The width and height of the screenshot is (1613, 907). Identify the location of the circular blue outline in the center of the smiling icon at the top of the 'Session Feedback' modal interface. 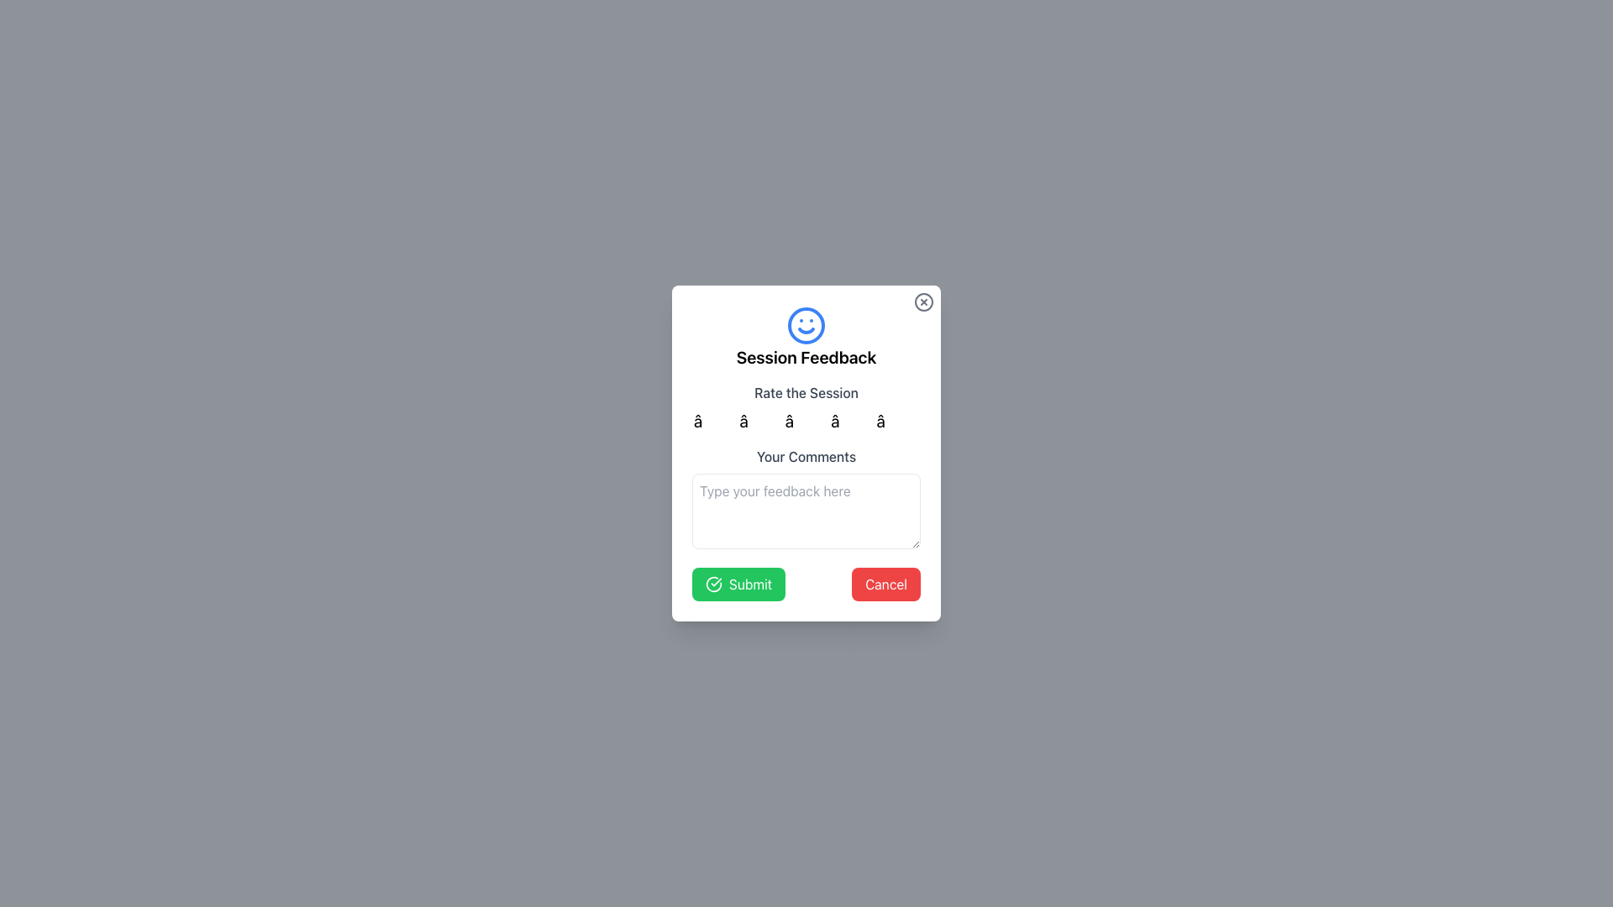
(806, 326).